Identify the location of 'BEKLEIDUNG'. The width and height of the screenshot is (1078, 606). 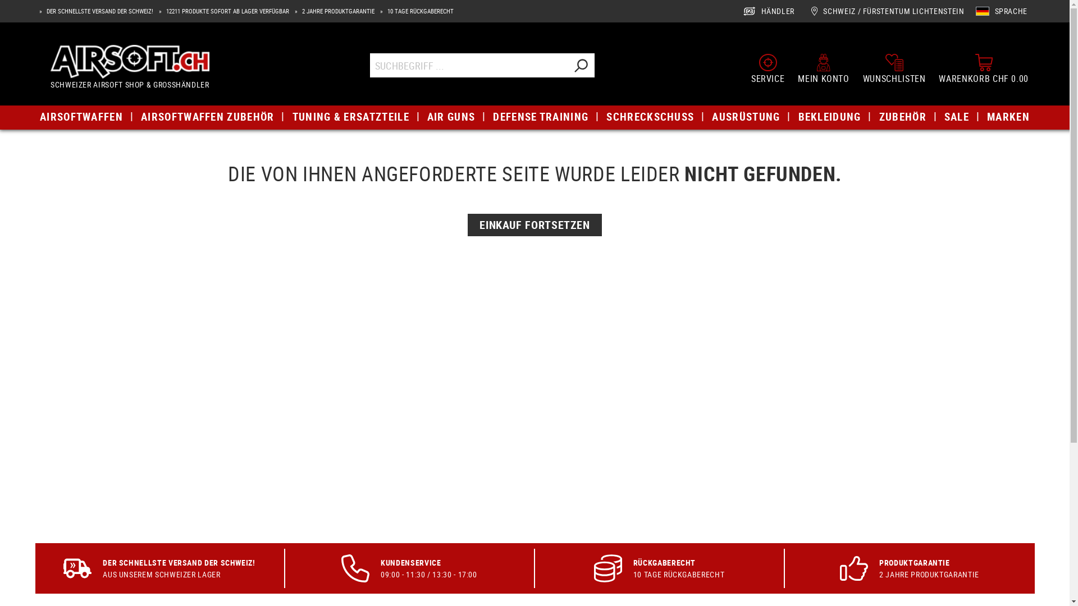
(830, 117).